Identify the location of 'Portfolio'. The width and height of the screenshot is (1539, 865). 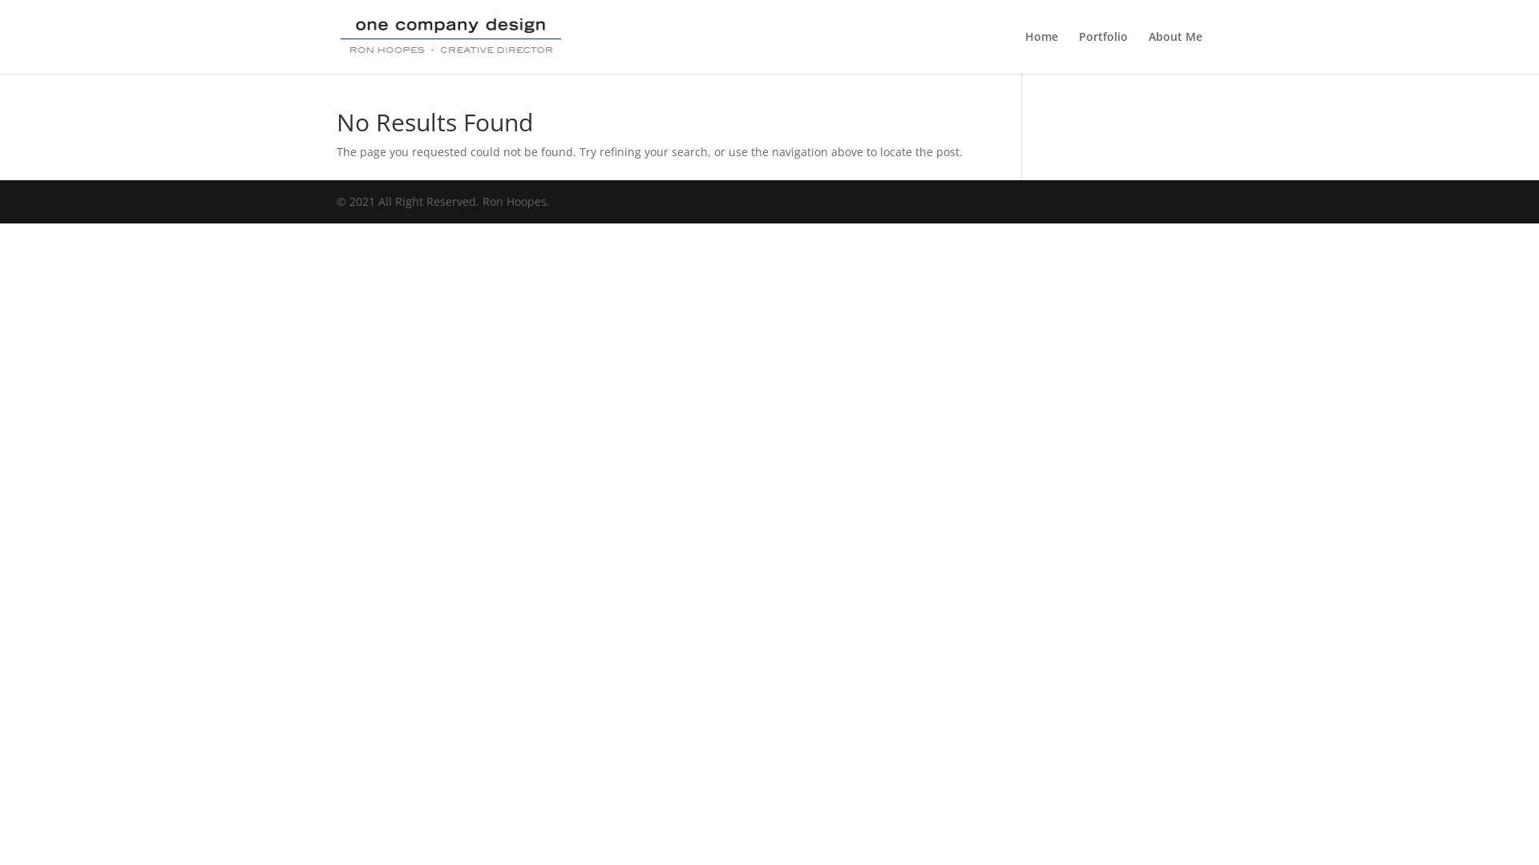
(1102, 51).